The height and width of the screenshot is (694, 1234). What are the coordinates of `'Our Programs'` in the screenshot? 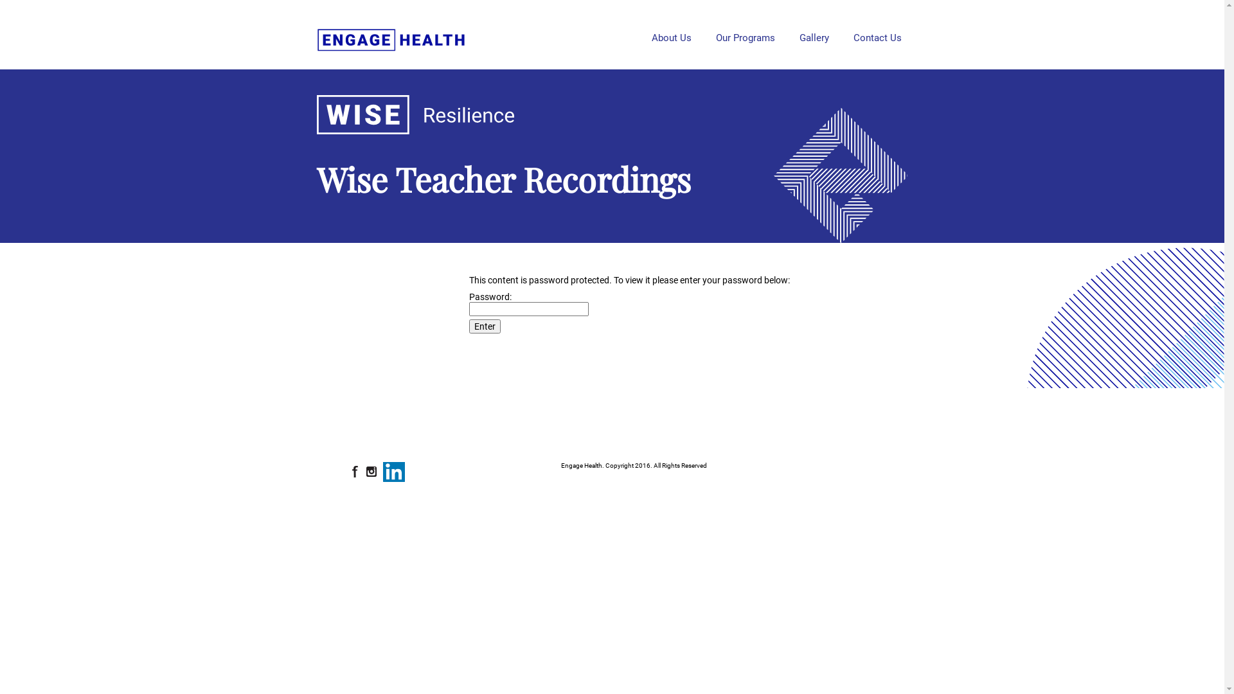 It's located at (746, 34).